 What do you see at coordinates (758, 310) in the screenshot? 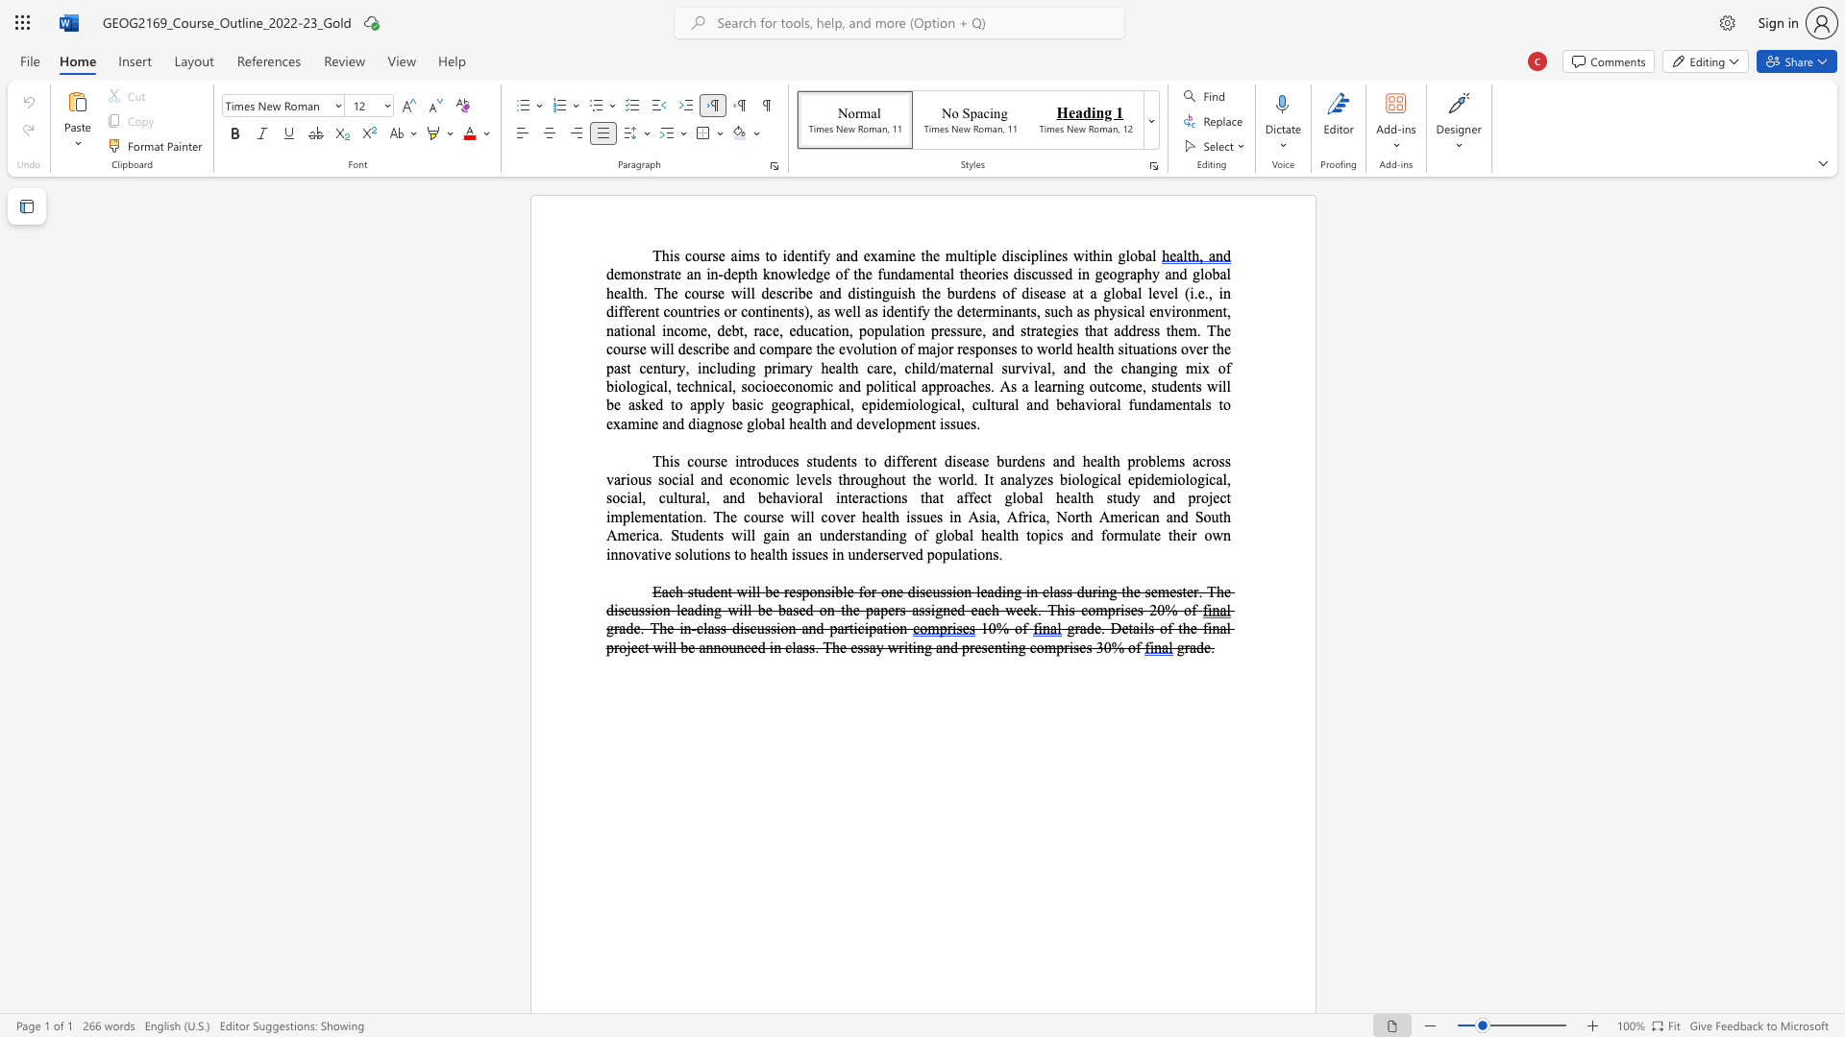
I see `the 1th character "n" in the text` at bounding box center [758, 310].